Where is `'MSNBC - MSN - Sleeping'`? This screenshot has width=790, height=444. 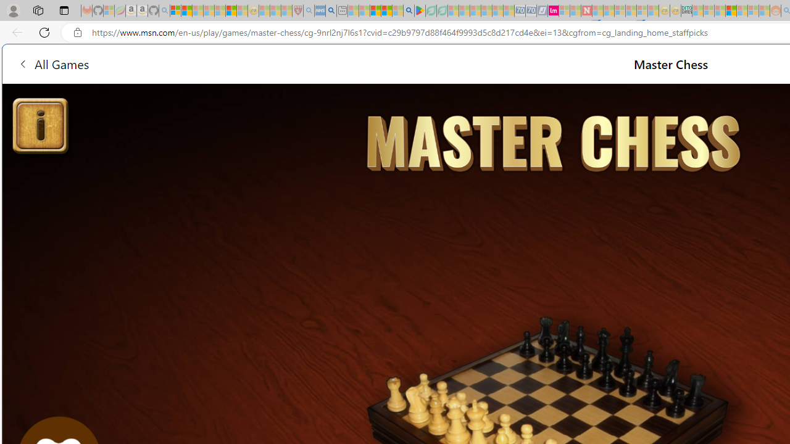
'MSNBC - MSN - Sleeping' is located at coordinates (697, 10).